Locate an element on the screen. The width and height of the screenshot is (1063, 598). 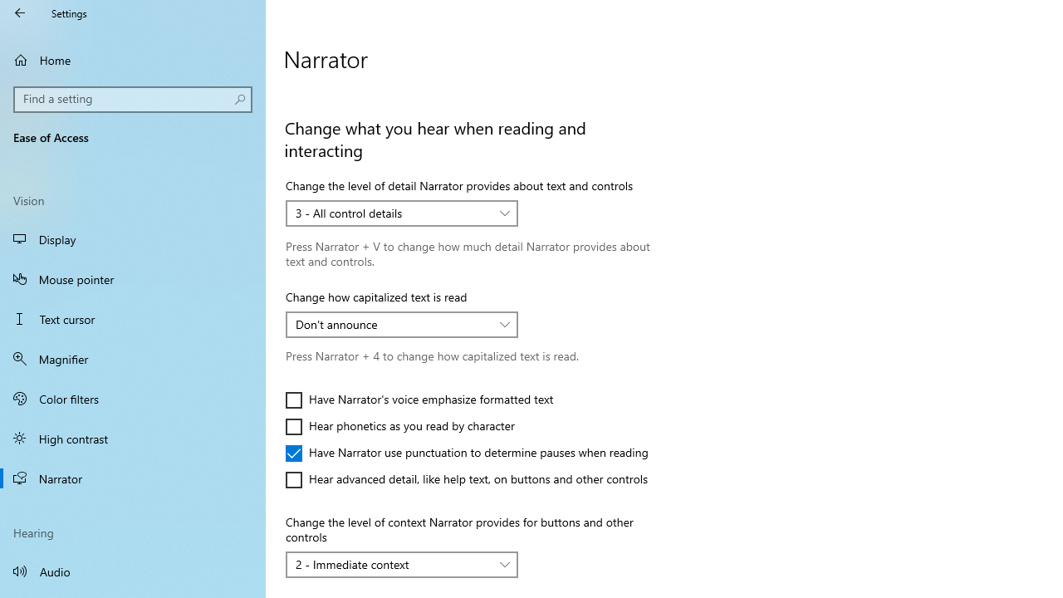
'Hear phonetics as you read by character' is located at coordinates (399, 426).